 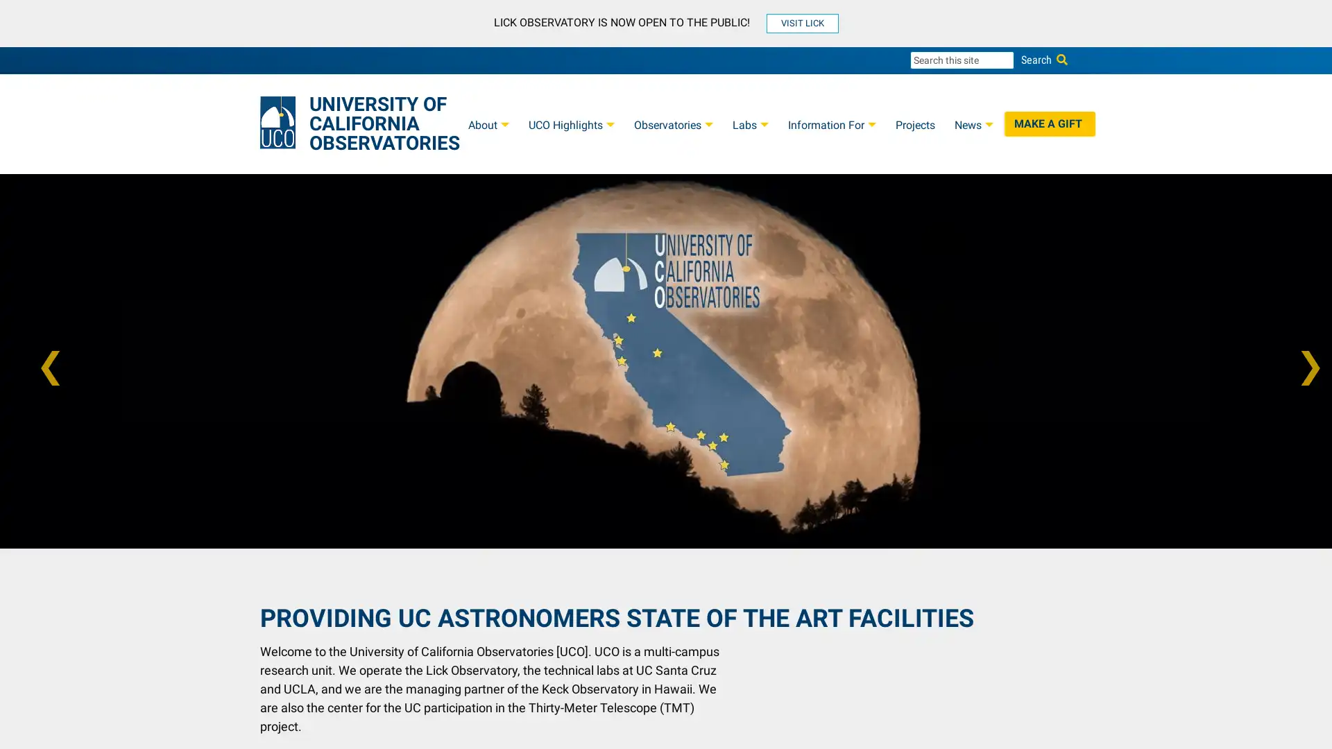 What do you see at coordinates (1295, 360) in the screenshot?
I see `Next` at bounding box center [1295, 360].